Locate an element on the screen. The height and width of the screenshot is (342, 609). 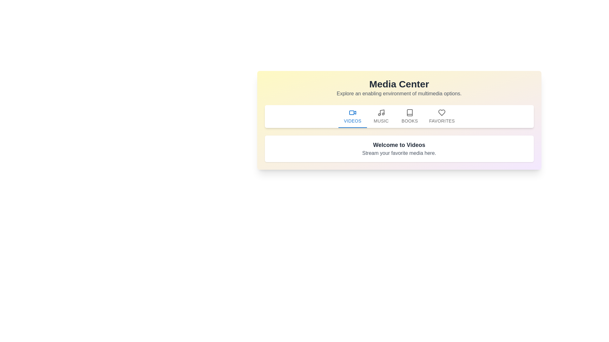
the triangular icon subcomponent of the video camera icon located in the 'VIDEOS' tab is located at coordinates (354, 112).